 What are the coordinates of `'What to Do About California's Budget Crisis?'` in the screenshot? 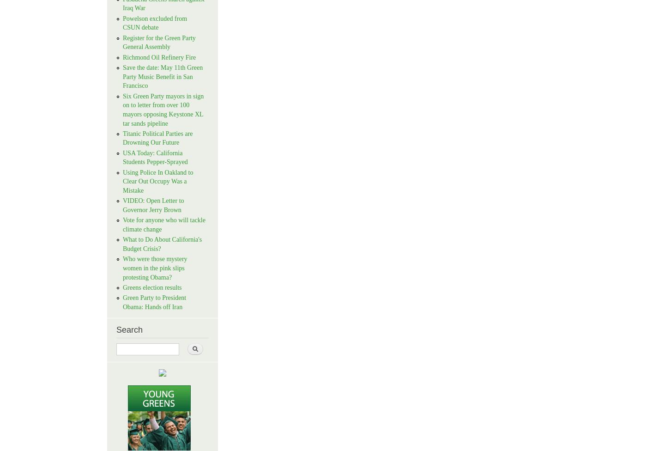 It's located at (162, 244).